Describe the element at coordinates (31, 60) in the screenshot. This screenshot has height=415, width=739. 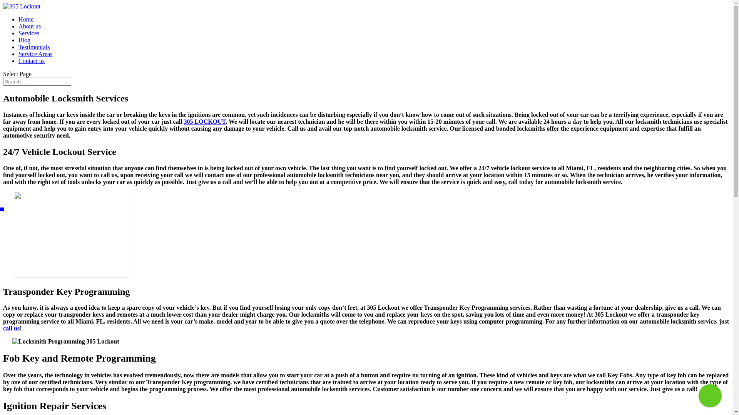
I see `'Contact us'` at that location.